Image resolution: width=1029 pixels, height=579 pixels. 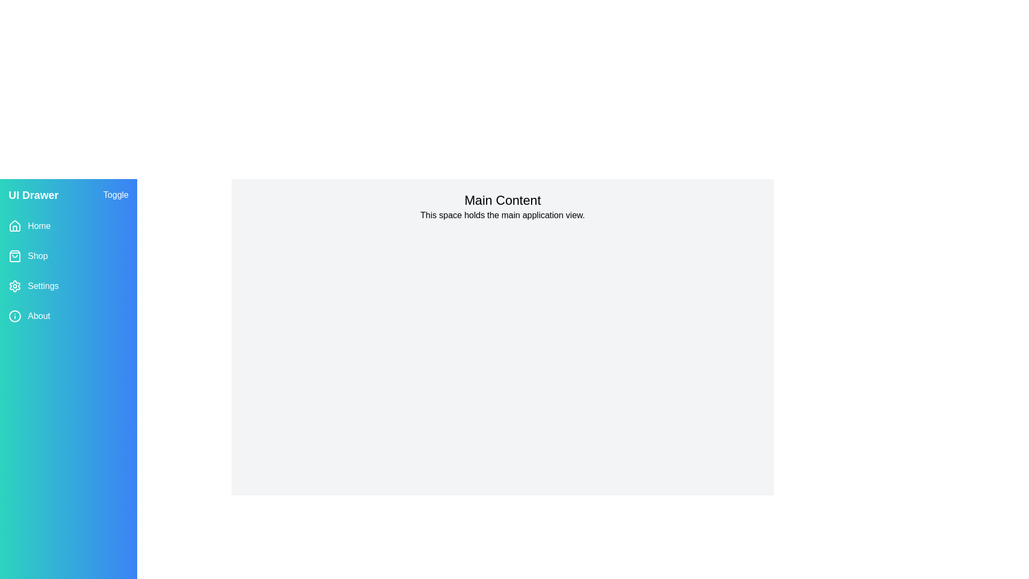 I want to click on the menu item Settings from the drawer, so click(x=68, y=285).